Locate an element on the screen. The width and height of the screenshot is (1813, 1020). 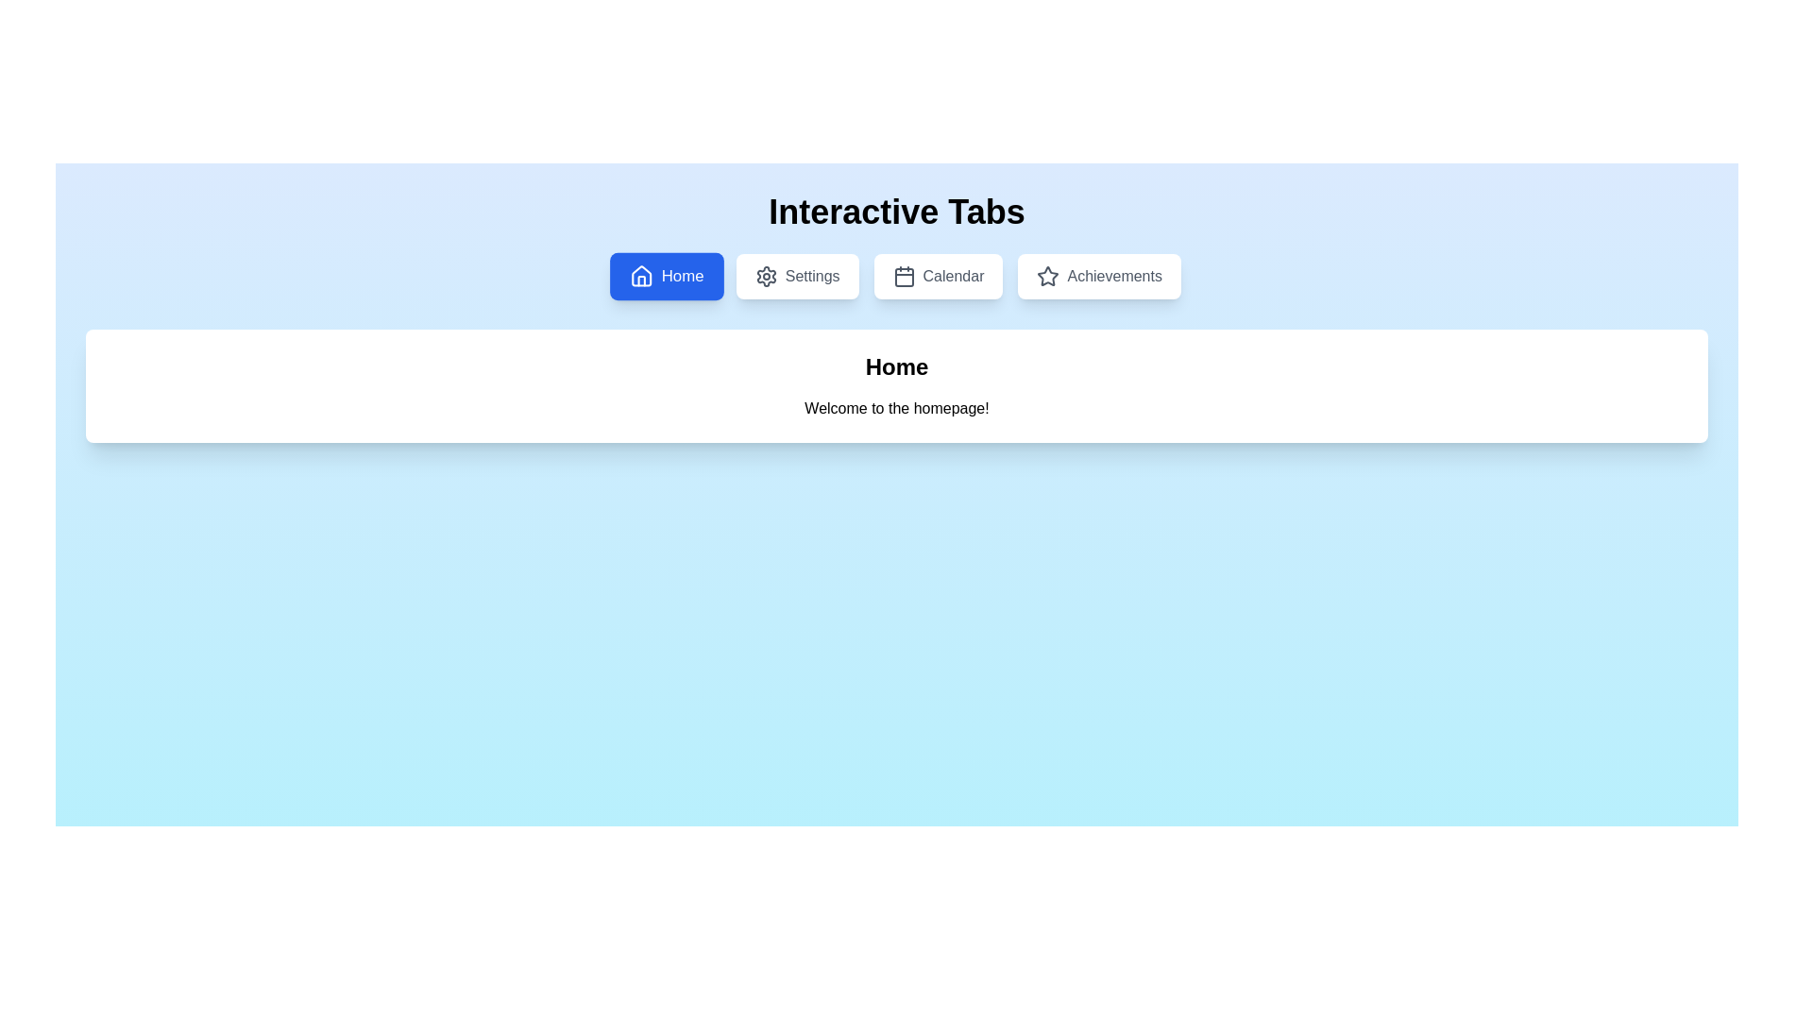
the tab labeled Settings to trigger its hover effect is located at coordinates (797, 277).